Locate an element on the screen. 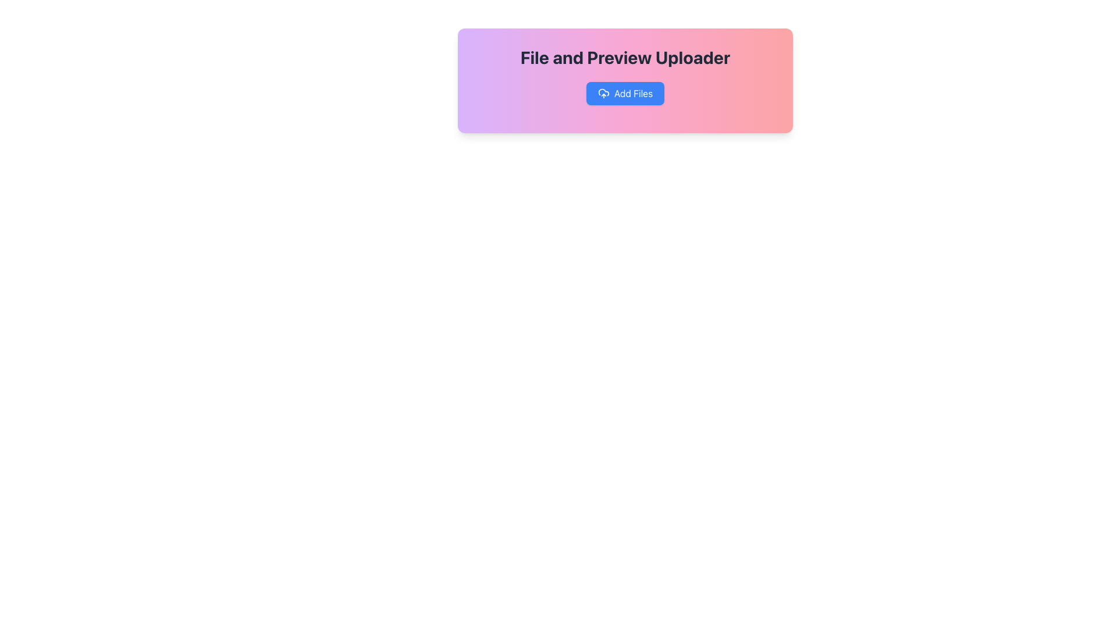 This screenshot has width=1117, height=628. the button located in the panel with a gradient background, between the heading 'File and Preview Uploader' and the space for file previews is located at coordinates (625, 93).